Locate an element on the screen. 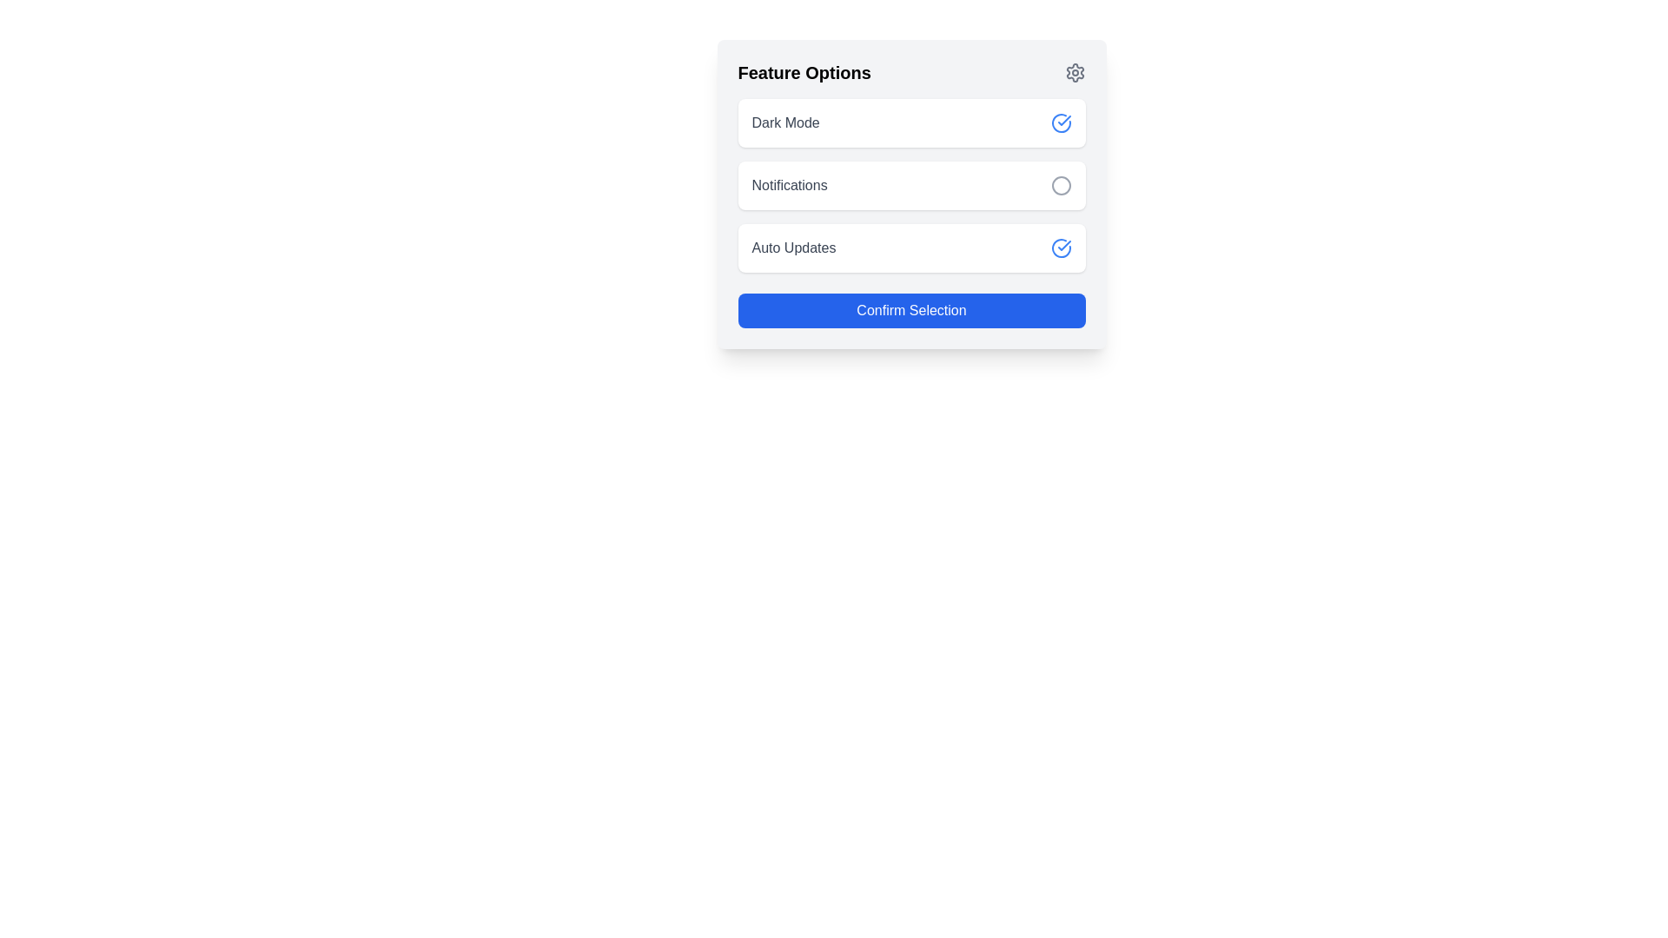  the confirmation button located at the bottom of the feature options panel, directly below the 'Auto Updates' toggle, to confirm the selection is located at coordinates (910, 310).